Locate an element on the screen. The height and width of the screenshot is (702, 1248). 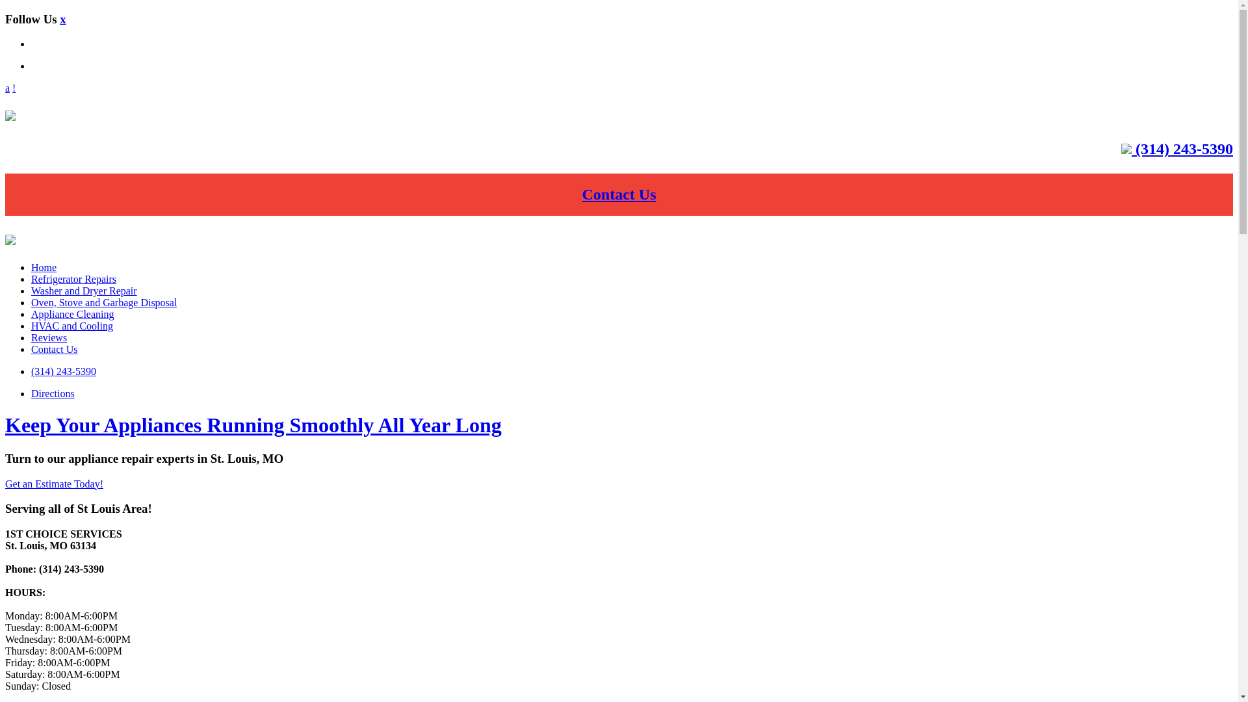
'Directions' is located at coordinates (52, 393).